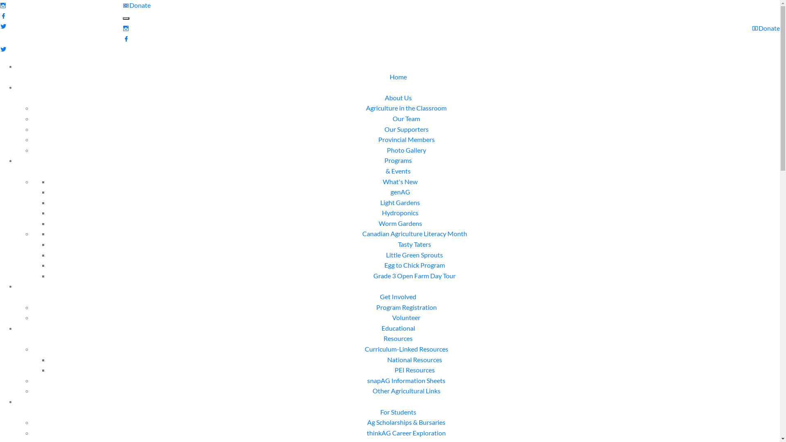 This screenshot has width=786, height=442. What do you see at coordinates (406, 317) in the screenshot?
I see `'Volunteer'` at bounding box center [406, 317].